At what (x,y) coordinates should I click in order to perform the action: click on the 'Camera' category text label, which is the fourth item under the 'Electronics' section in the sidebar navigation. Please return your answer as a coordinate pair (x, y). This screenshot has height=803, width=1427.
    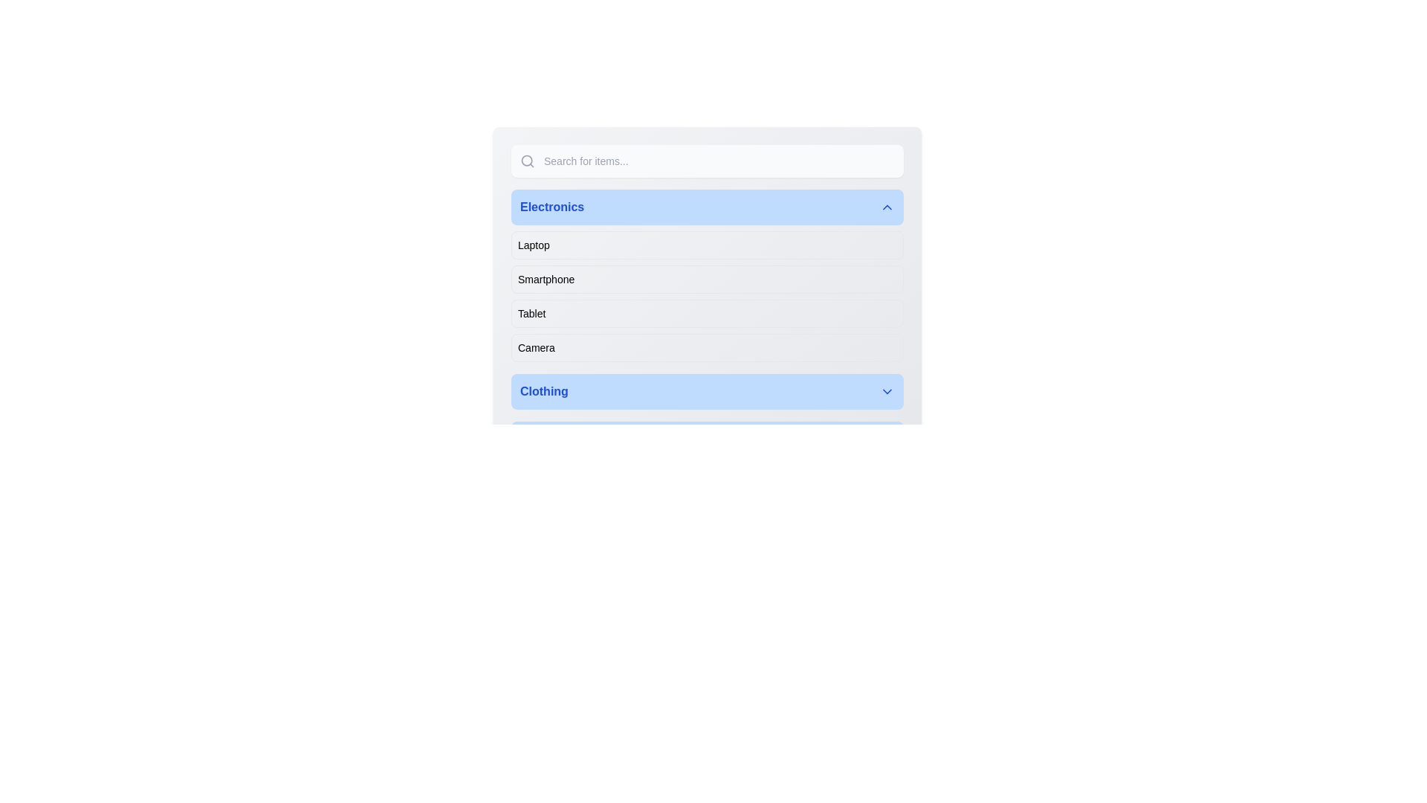
    Looking at the image, I should click on (535, 347).